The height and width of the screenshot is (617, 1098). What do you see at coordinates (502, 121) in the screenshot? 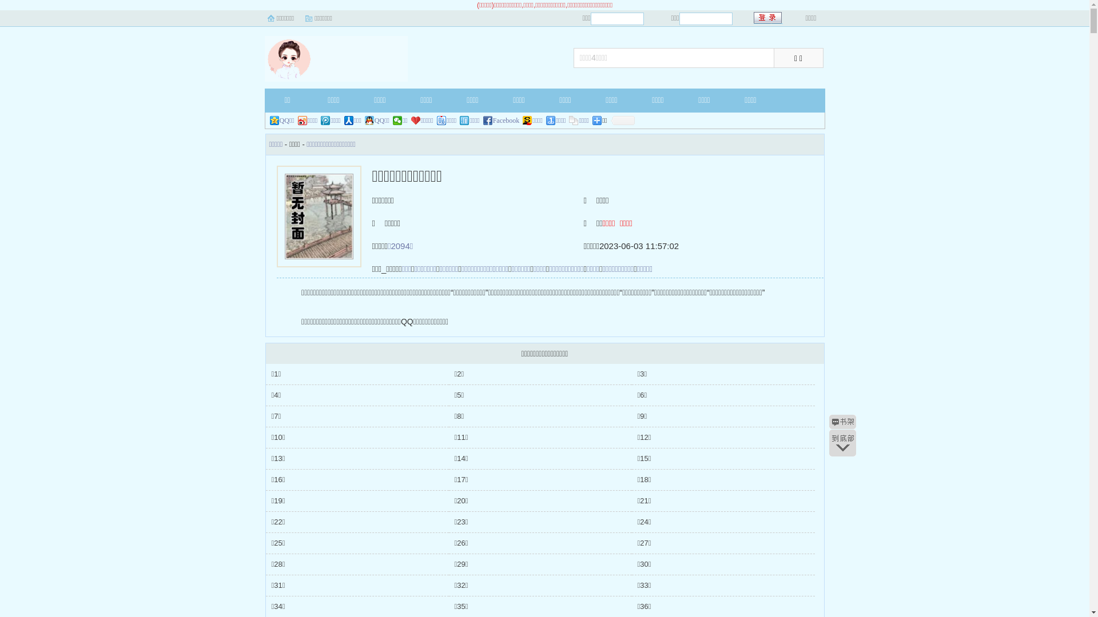
I see `'Facebook'` at bounding box center [502, 121].